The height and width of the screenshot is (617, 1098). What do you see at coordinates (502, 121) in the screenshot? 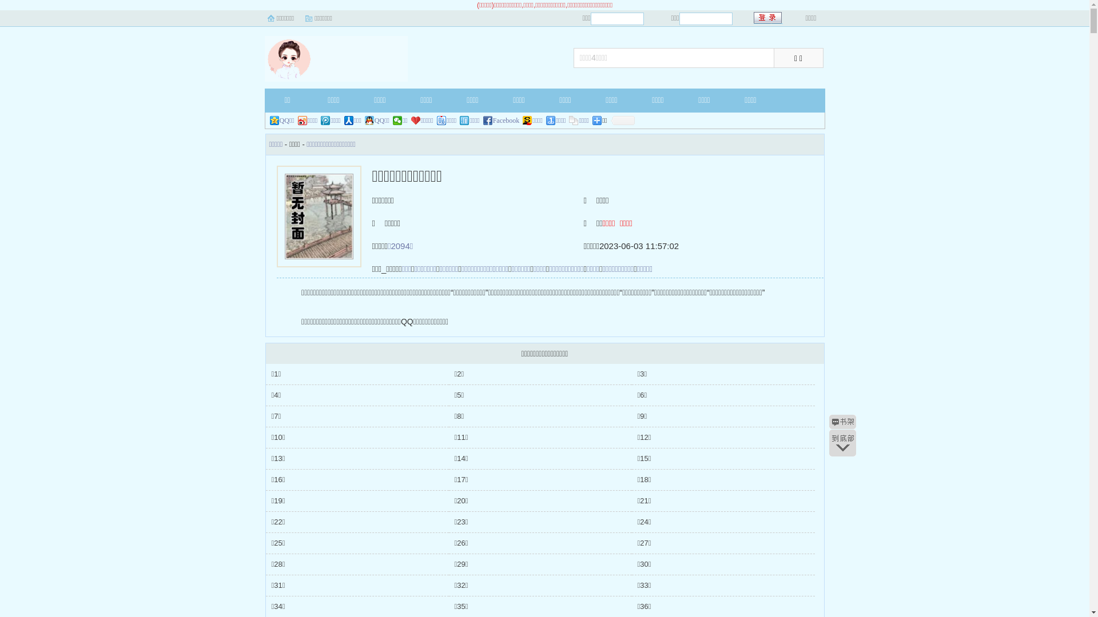
I see `'Facebook'` at bounding box center [502, 121].